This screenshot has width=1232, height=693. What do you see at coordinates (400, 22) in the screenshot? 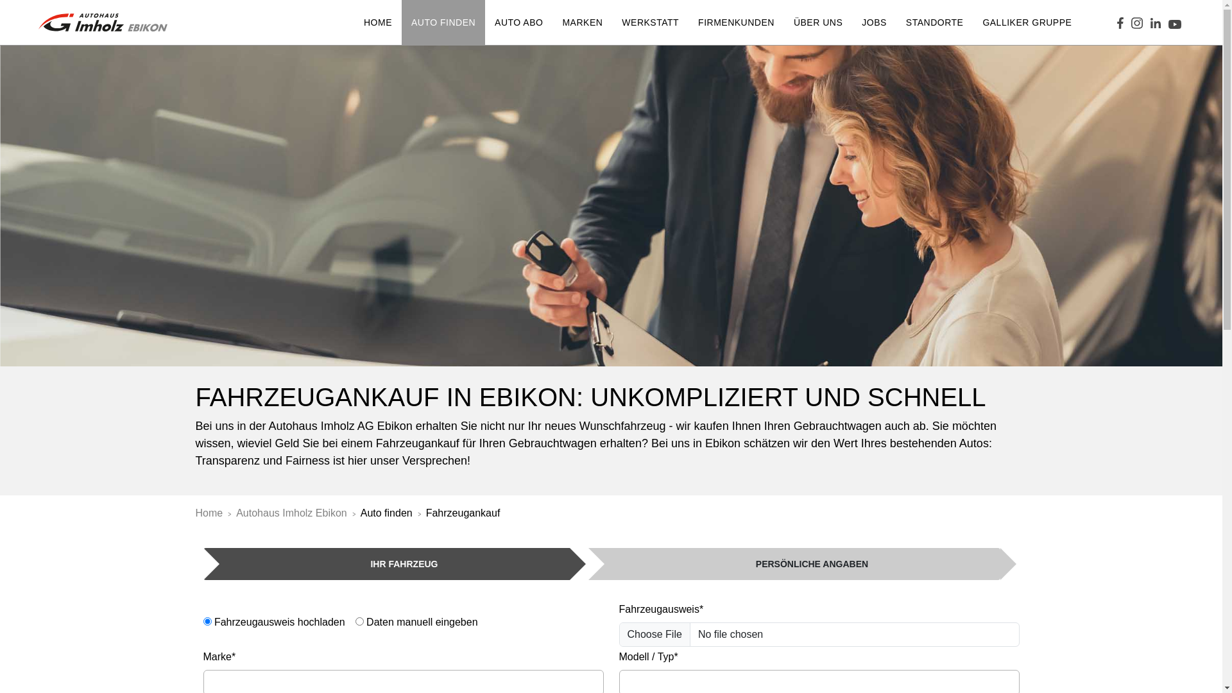
I see `'AUTO FINDEN'` at bounding box center [400, 22].